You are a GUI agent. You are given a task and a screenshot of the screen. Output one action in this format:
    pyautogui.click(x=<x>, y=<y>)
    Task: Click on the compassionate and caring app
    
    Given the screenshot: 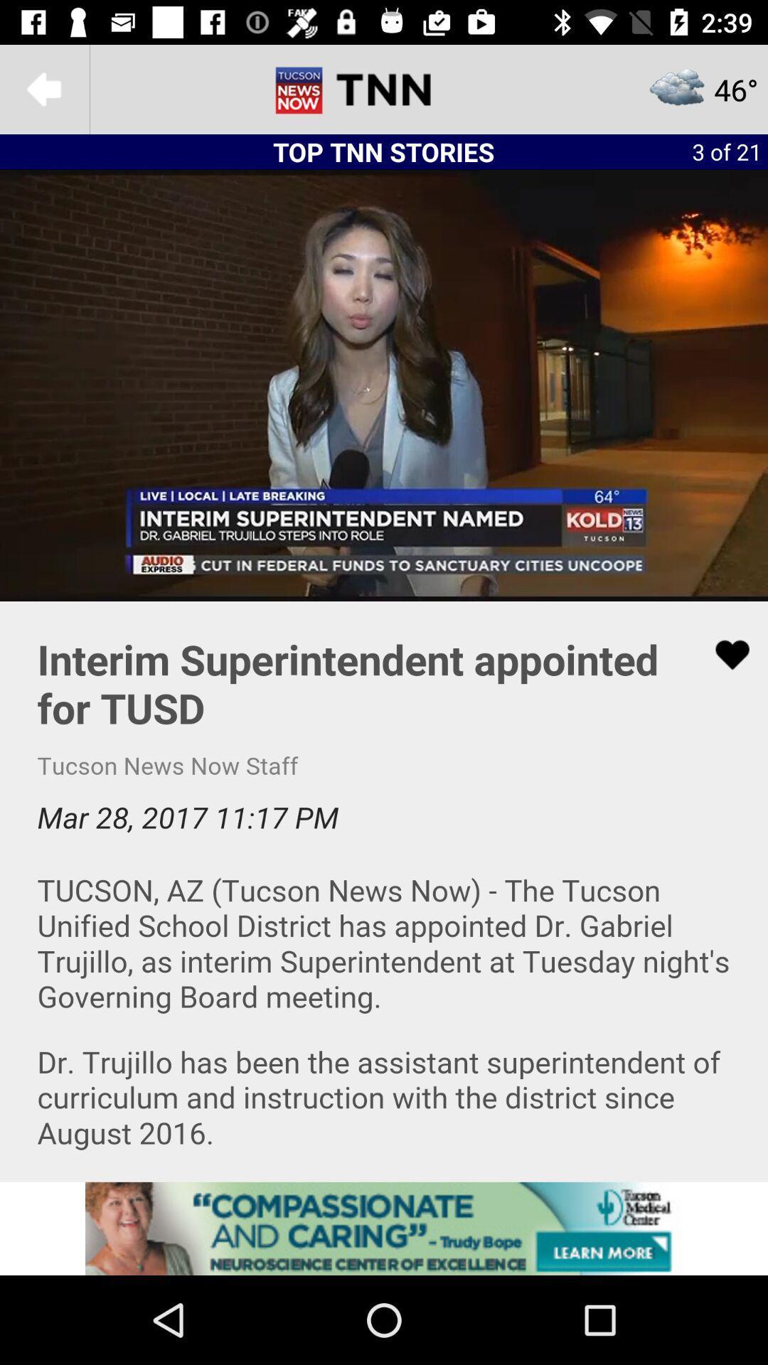 What is the action you would take?
    pyautogui.click(x=384, y=1228)
    